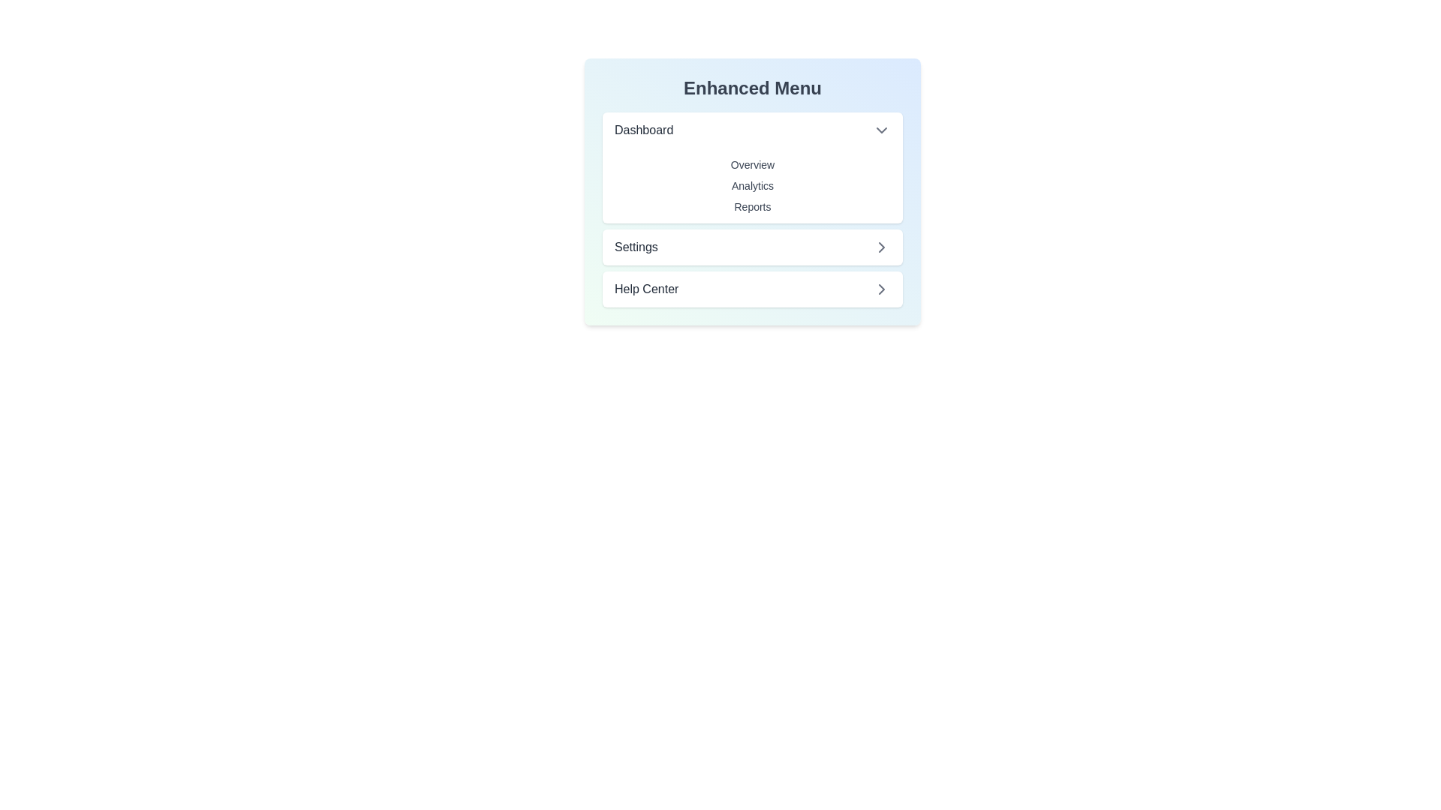 The image size is (1441, 810). What do you see at coordinates (882, 247) in the screenshot?
I see `the 'Settings' icon located on the far right of the 'Settings' menu entry in the 'Enhanced Menu'` at bounding box center [882, 247].